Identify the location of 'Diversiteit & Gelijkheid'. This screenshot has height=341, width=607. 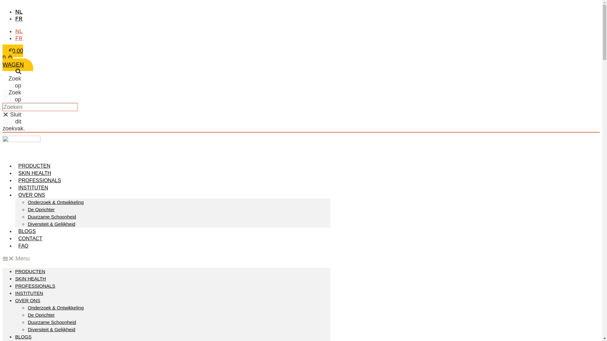
(52, 224).